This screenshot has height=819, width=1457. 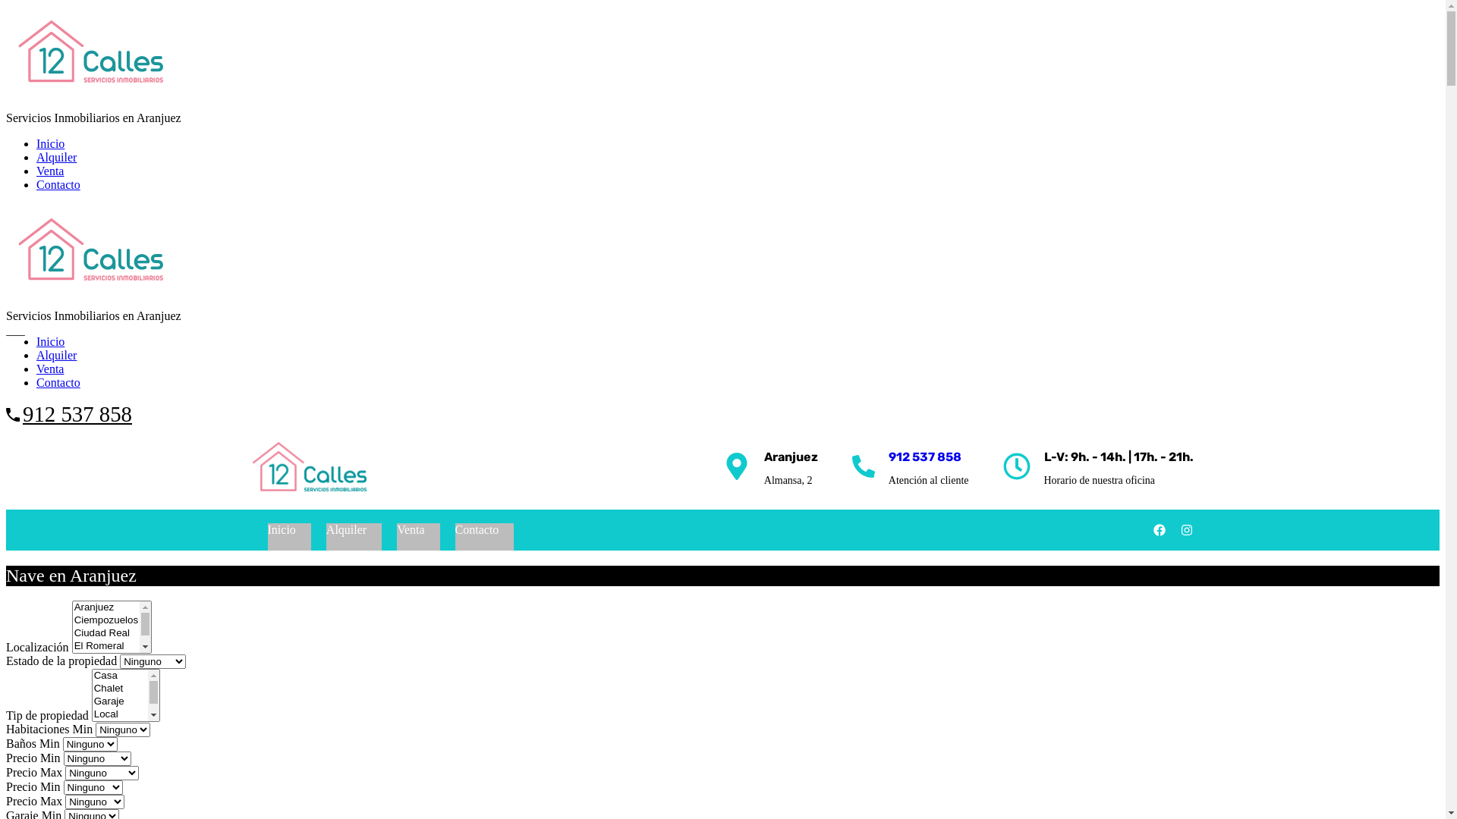 What do you see at coordinates (58, 184) in the screenshot?
I see `'Contacto'` at bounding box center [58, 184].